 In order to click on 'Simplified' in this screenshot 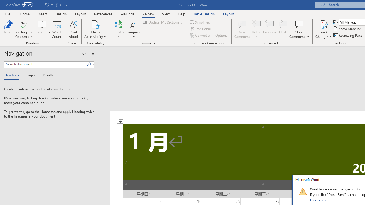, I will do `click(200, 22)`.